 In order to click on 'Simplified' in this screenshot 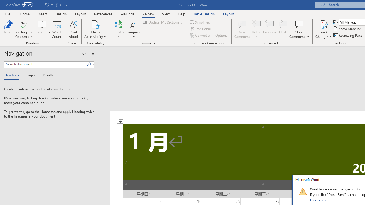, I will do `click(200, 22)`.